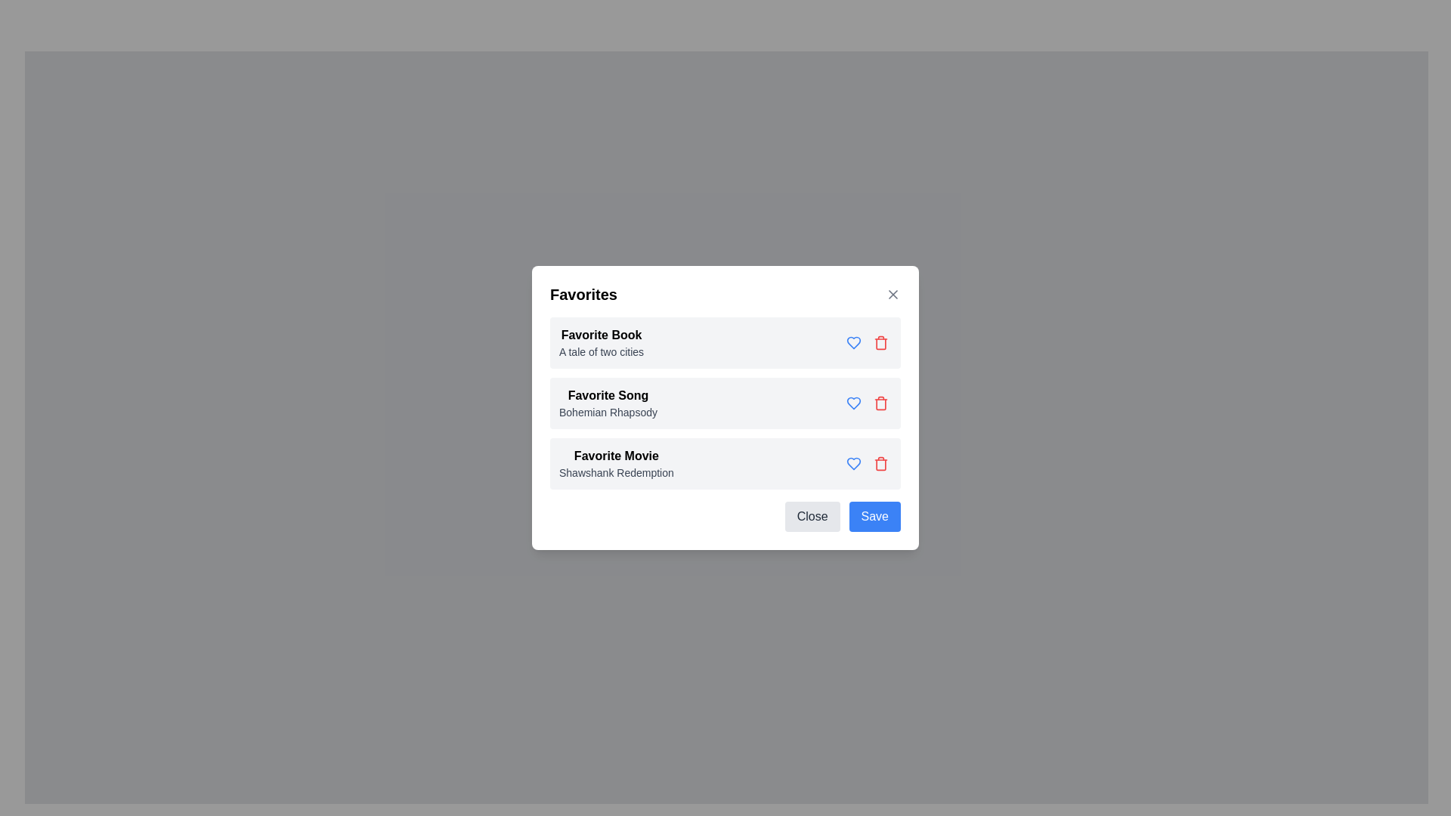 The image size is (1451, 816). I want to click on the Text label that serves as the title for the book preference, located under 'Favorites' and above 'A tale of two cities', so click(601, 334).